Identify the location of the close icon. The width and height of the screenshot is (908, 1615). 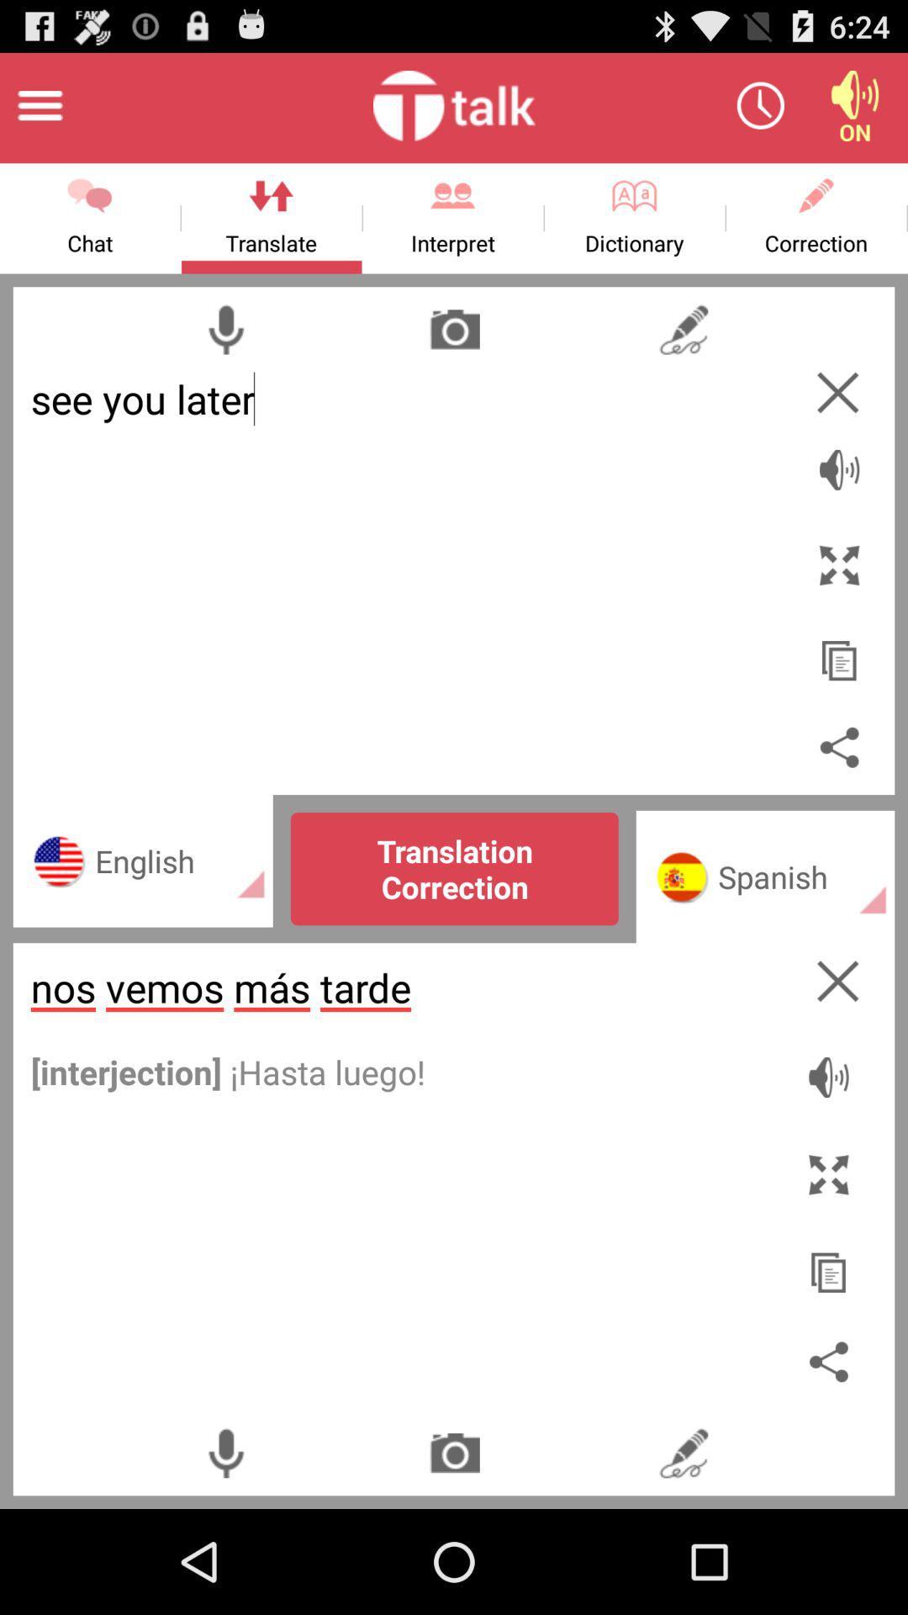
(837, 420).